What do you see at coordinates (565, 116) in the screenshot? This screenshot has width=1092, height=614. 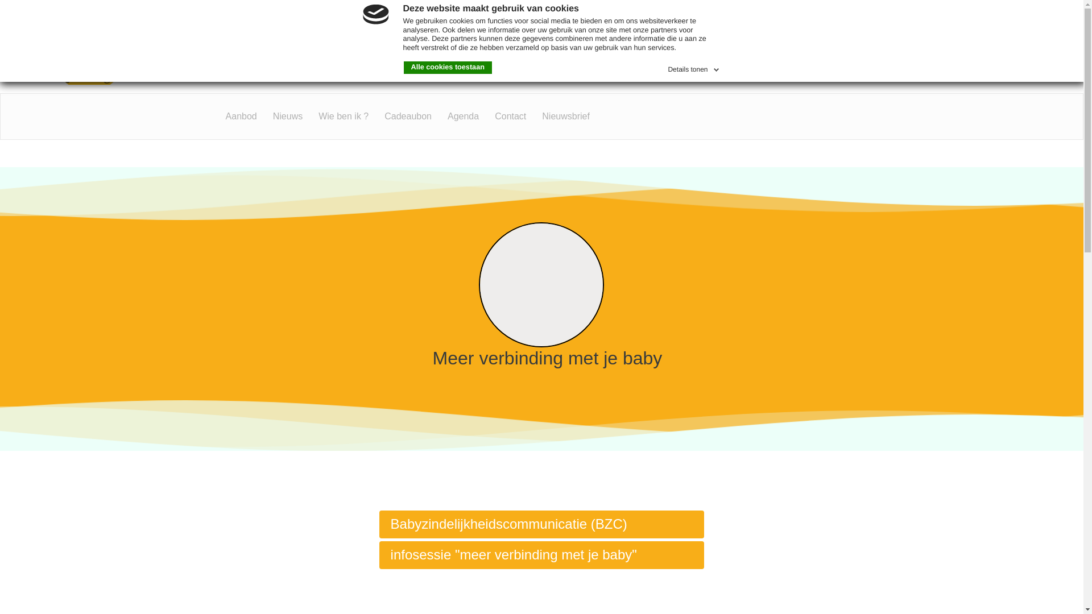 I see `'Nieuwsbrief'` at bounding box center [565, 116].